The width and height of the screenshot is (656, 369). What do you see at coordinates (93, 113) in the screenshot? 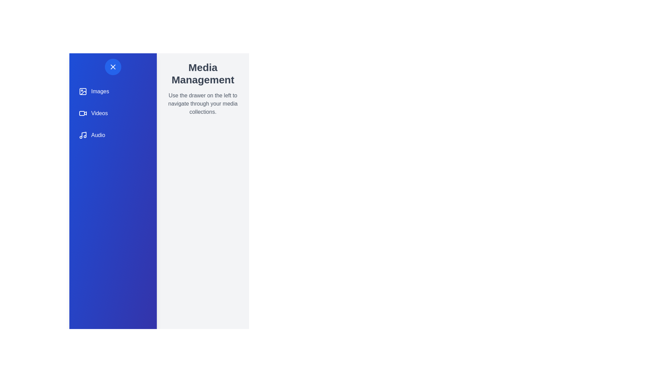
I see `the navigation item labeled 'Videos', which is styled with a rounded background and features a video camera icon on the left` at bounding box center [93, 113].